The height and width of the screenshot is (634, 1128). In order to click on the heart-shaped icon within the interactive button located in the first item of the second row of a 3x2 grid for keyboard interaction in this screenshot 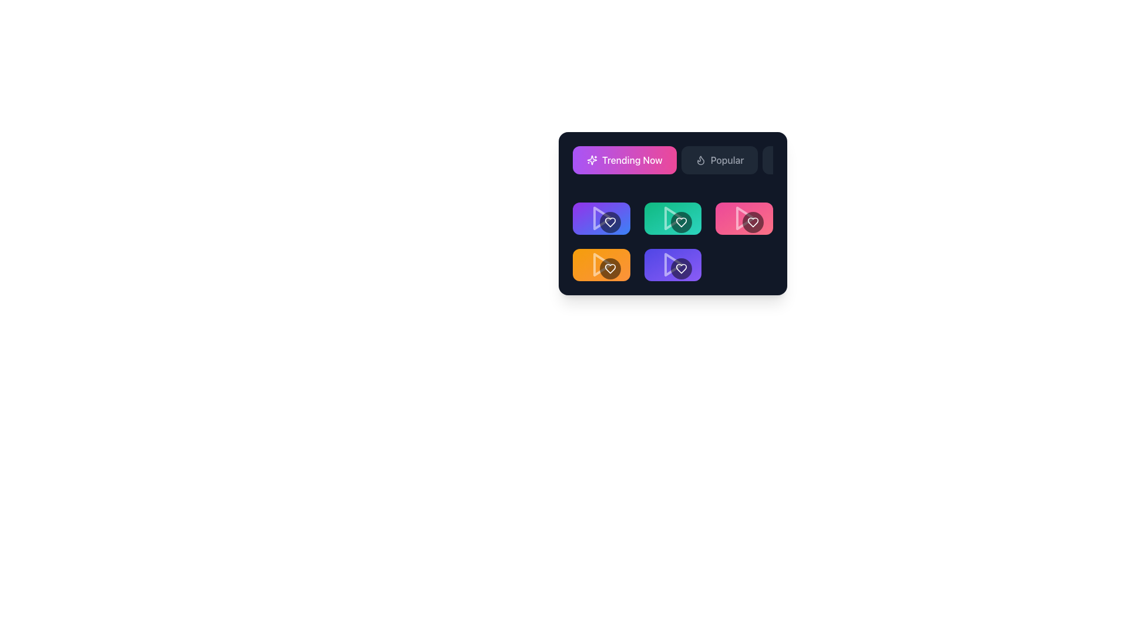, I will do `click(610, 222)`.